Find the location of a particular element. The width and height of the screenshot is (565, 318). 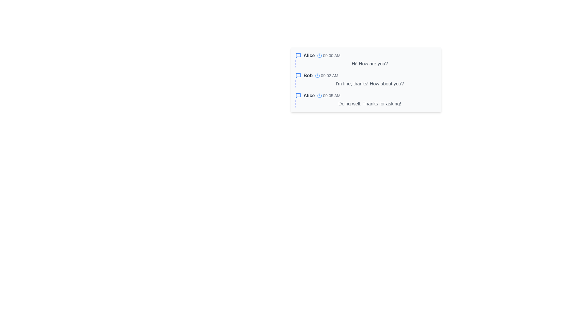

the Decorative icon that visually distinguishes the user's message header, located at the beginning of the header row for the message from 'Alice' at 09:00 AM is located at coordinates (298, 56).